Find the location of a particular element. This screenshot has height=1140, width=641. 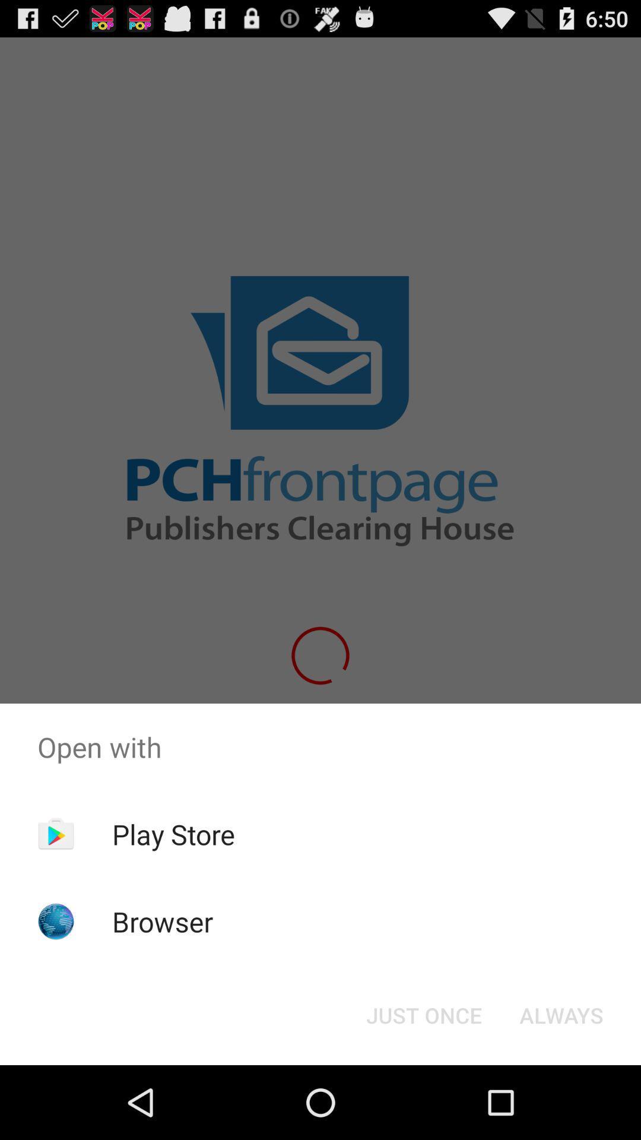

play store app is located at coordinates (173, 834).